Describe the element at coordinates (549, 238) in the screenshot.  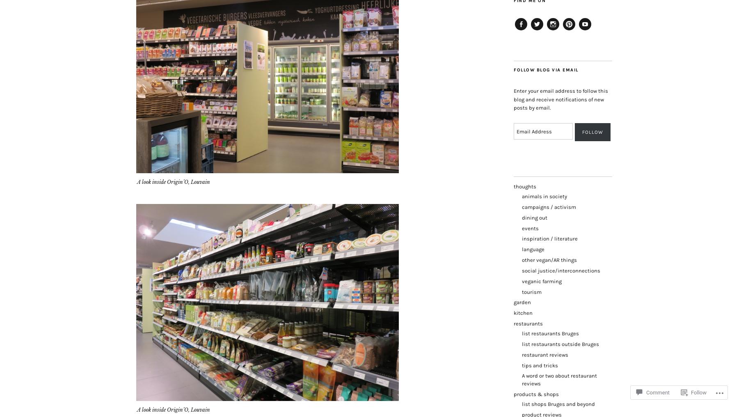
I see `'inspiration / literature'` at that location.